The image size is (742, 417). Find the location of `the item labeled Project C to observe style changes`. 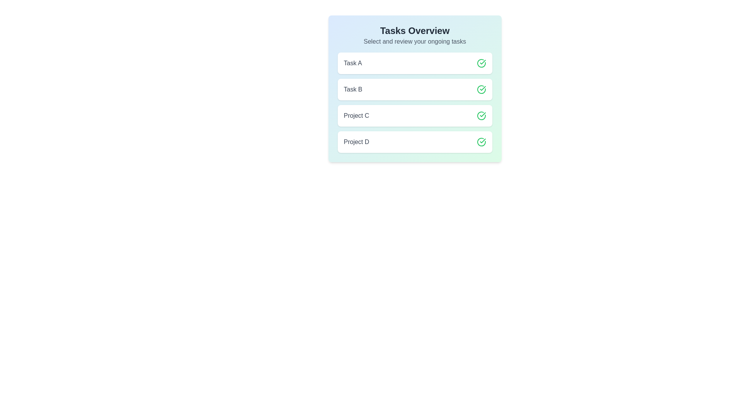

the item labeled Project C to observe style changes is located at coordinates (414, 116).